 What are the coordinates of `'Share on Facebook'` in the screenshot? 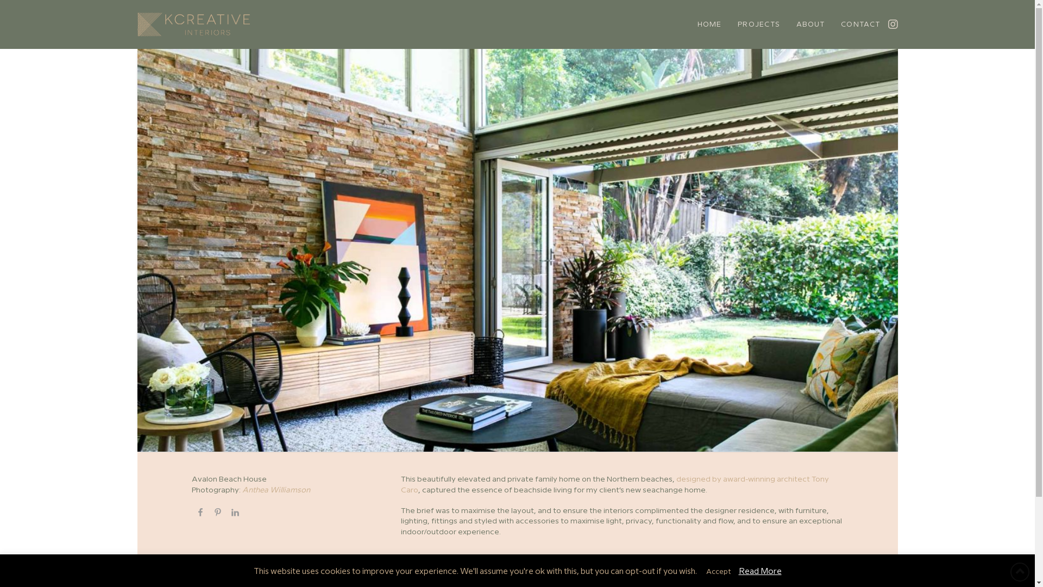 It's located at (191, 514).